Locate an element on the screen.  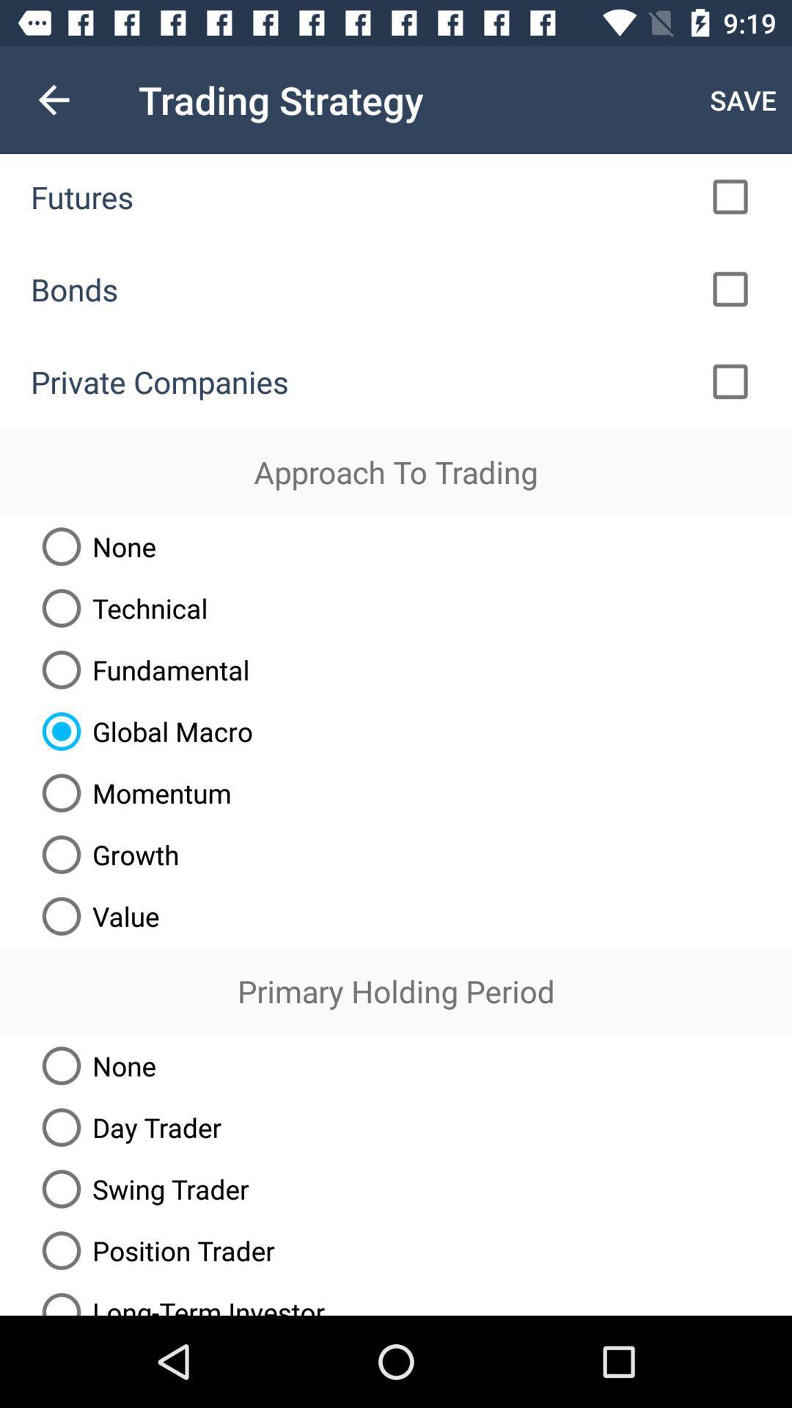
icon below the none is located at coordinates (118, 608).